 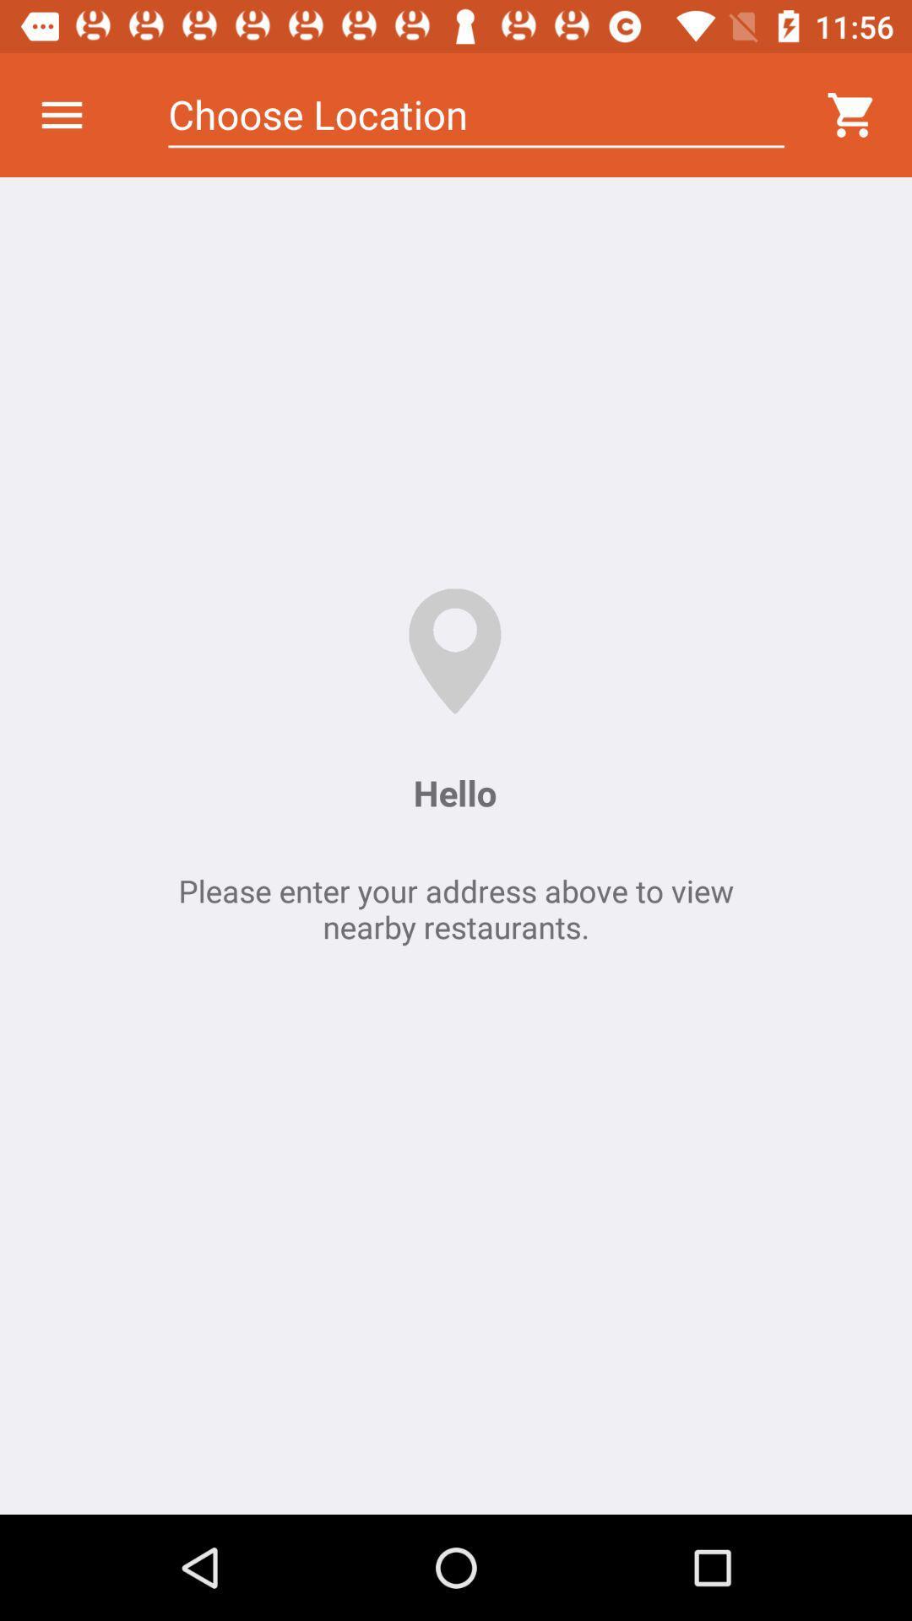 What do you see at coordinates (61, 114) in the screenshot?
I see `the icon to the left of choose location` at bounding box center [61, 114].